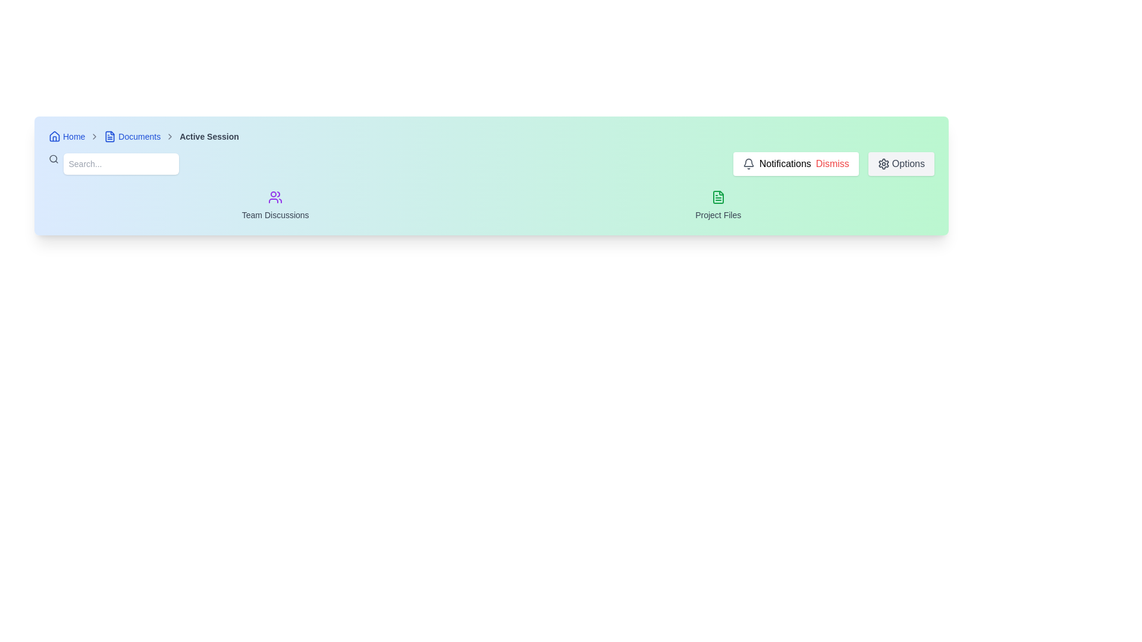  What do you see at coordinates (717, 196) in the screenshot?
I see `the project files access icon located centrally above the text 'Project Files' and to the right of the 'Options' button` at bounding box center [717, 196].